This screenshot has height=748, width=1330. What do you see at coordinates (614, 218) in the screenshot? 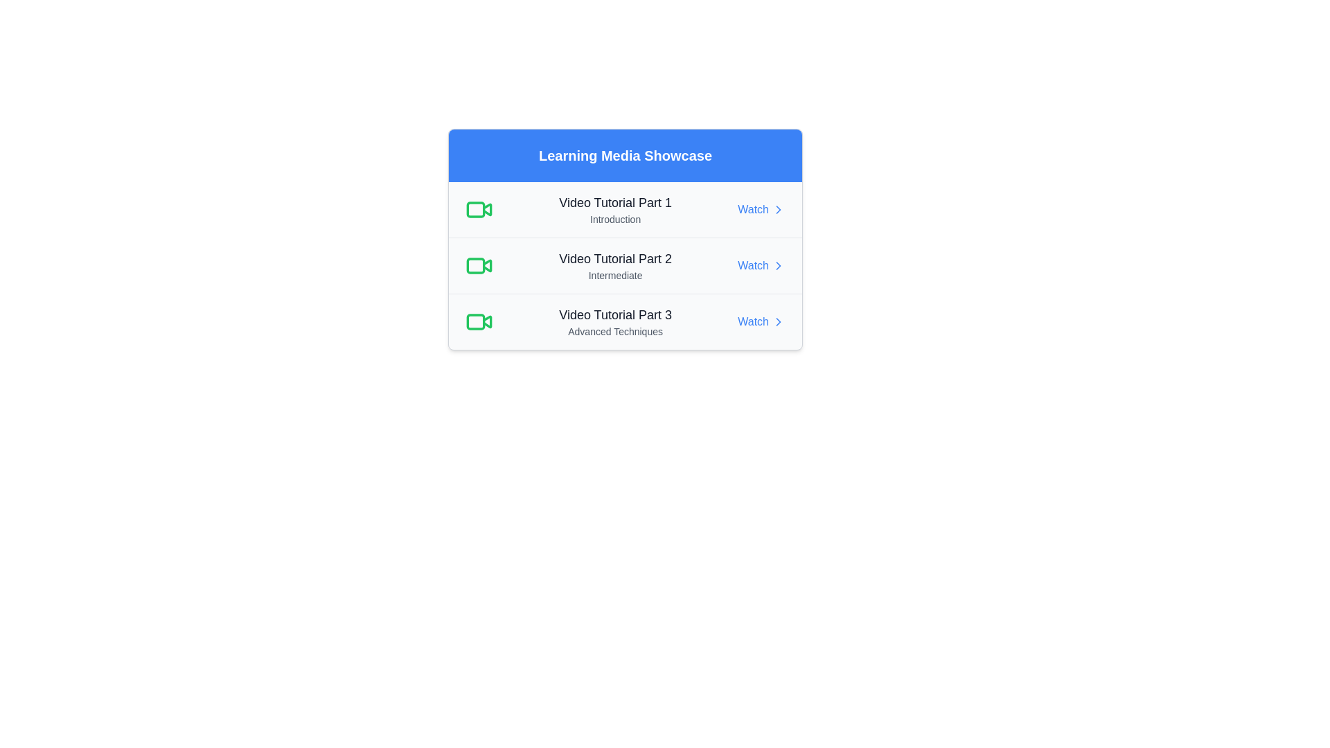
I see `the Text Label that serves as a subtitle for the 'Video Tutorial Part 1' section, which is positioned directly beneath the main title and centered horizontally within the top section of the layout` at bounding box center [614, 218].